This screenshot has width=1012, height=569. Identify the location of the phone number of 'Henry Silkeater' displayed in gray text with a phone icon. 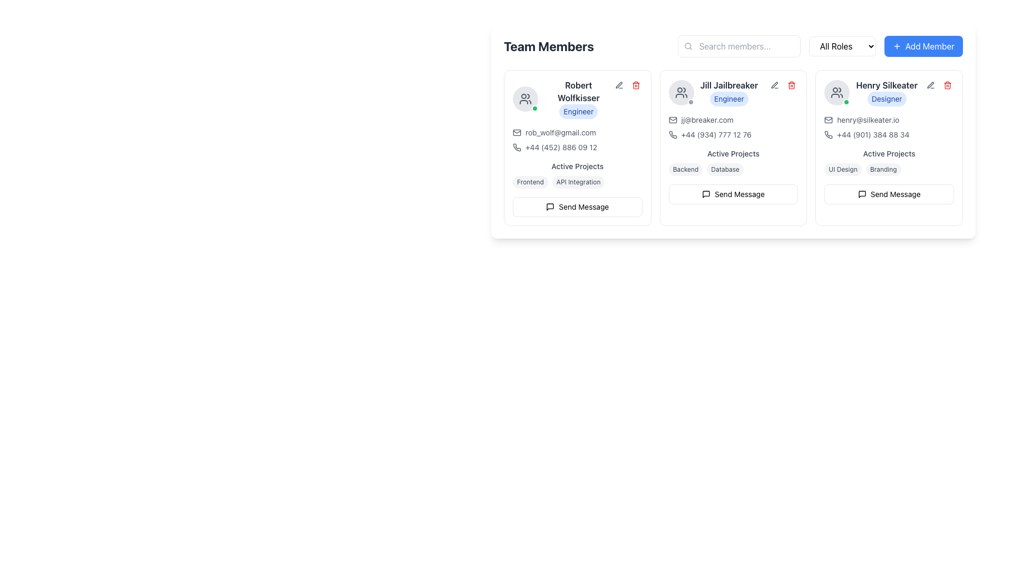
(889, 134).